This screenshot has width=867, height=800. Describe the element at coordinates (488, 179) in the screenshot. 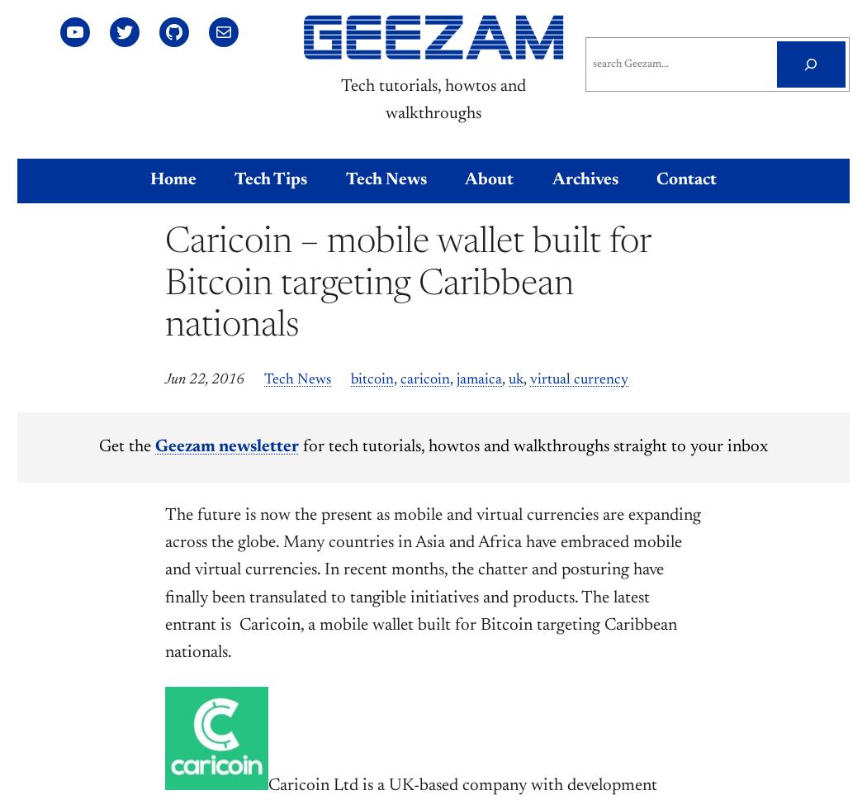

I see `'About'` at that location.